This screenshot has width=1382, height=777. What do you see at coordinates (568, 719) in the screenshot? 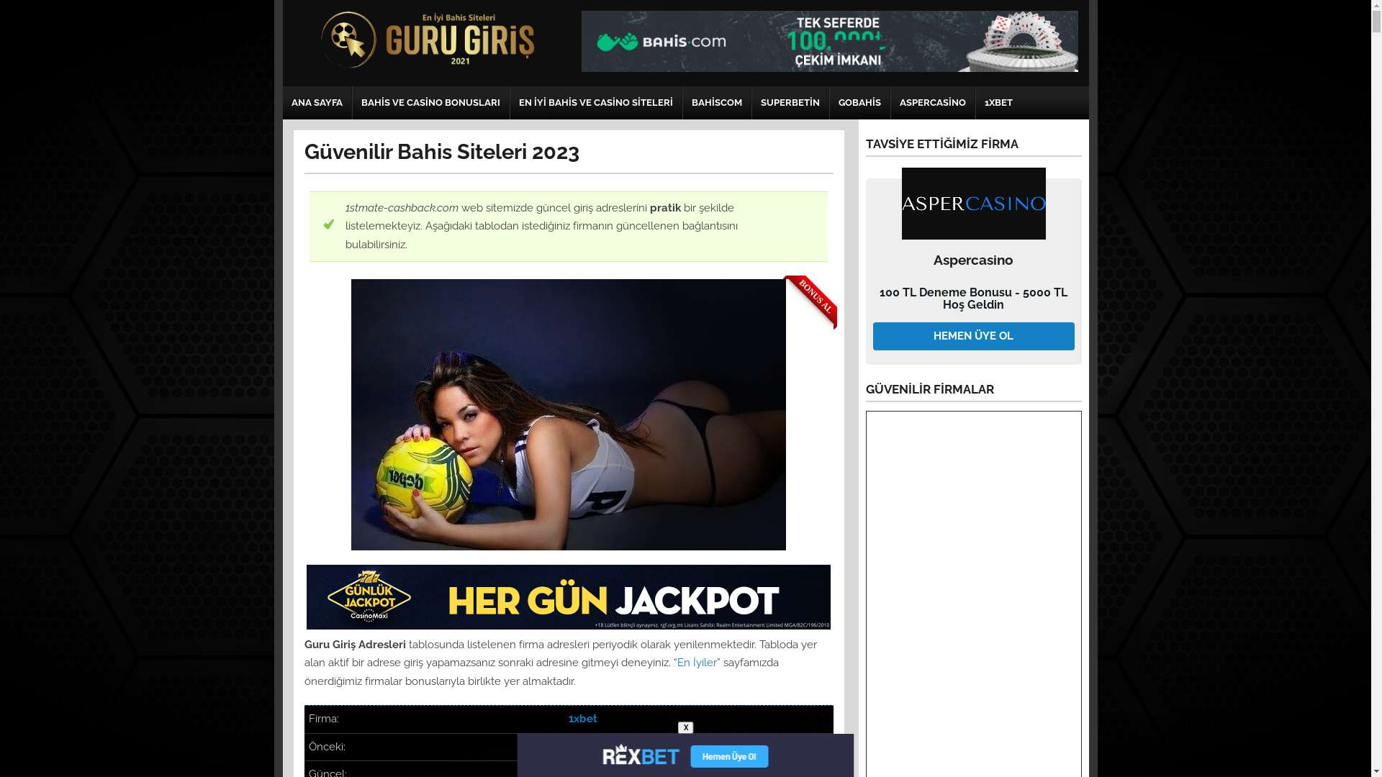
I see `'1xbet'` at bounding box center [568, 719].